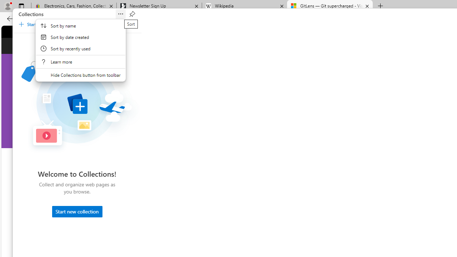  I want to click on 'Start new collection', so click(77, 211).